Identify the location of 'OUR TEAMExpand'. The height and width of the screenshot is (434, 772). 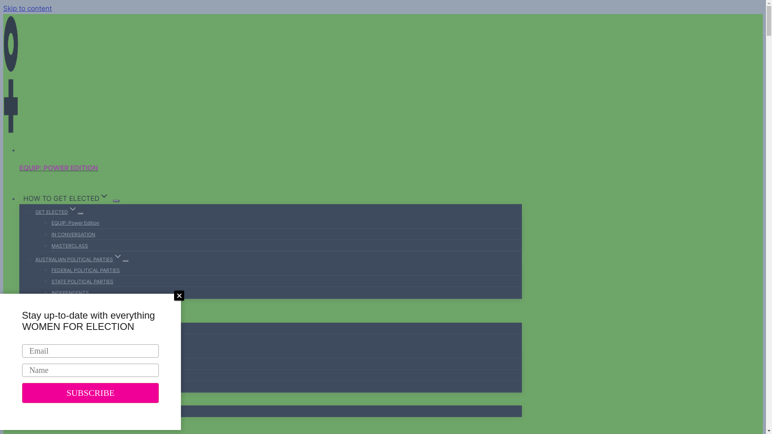
(52, 342).